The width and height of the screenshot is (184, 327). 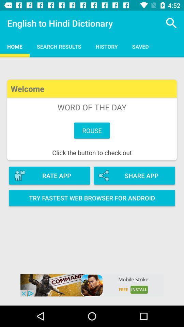 What do you see at coordinates (92, 130) in the screenshot?
I see `the text which is immediately below word of the day` at bounding box center [92, 130].